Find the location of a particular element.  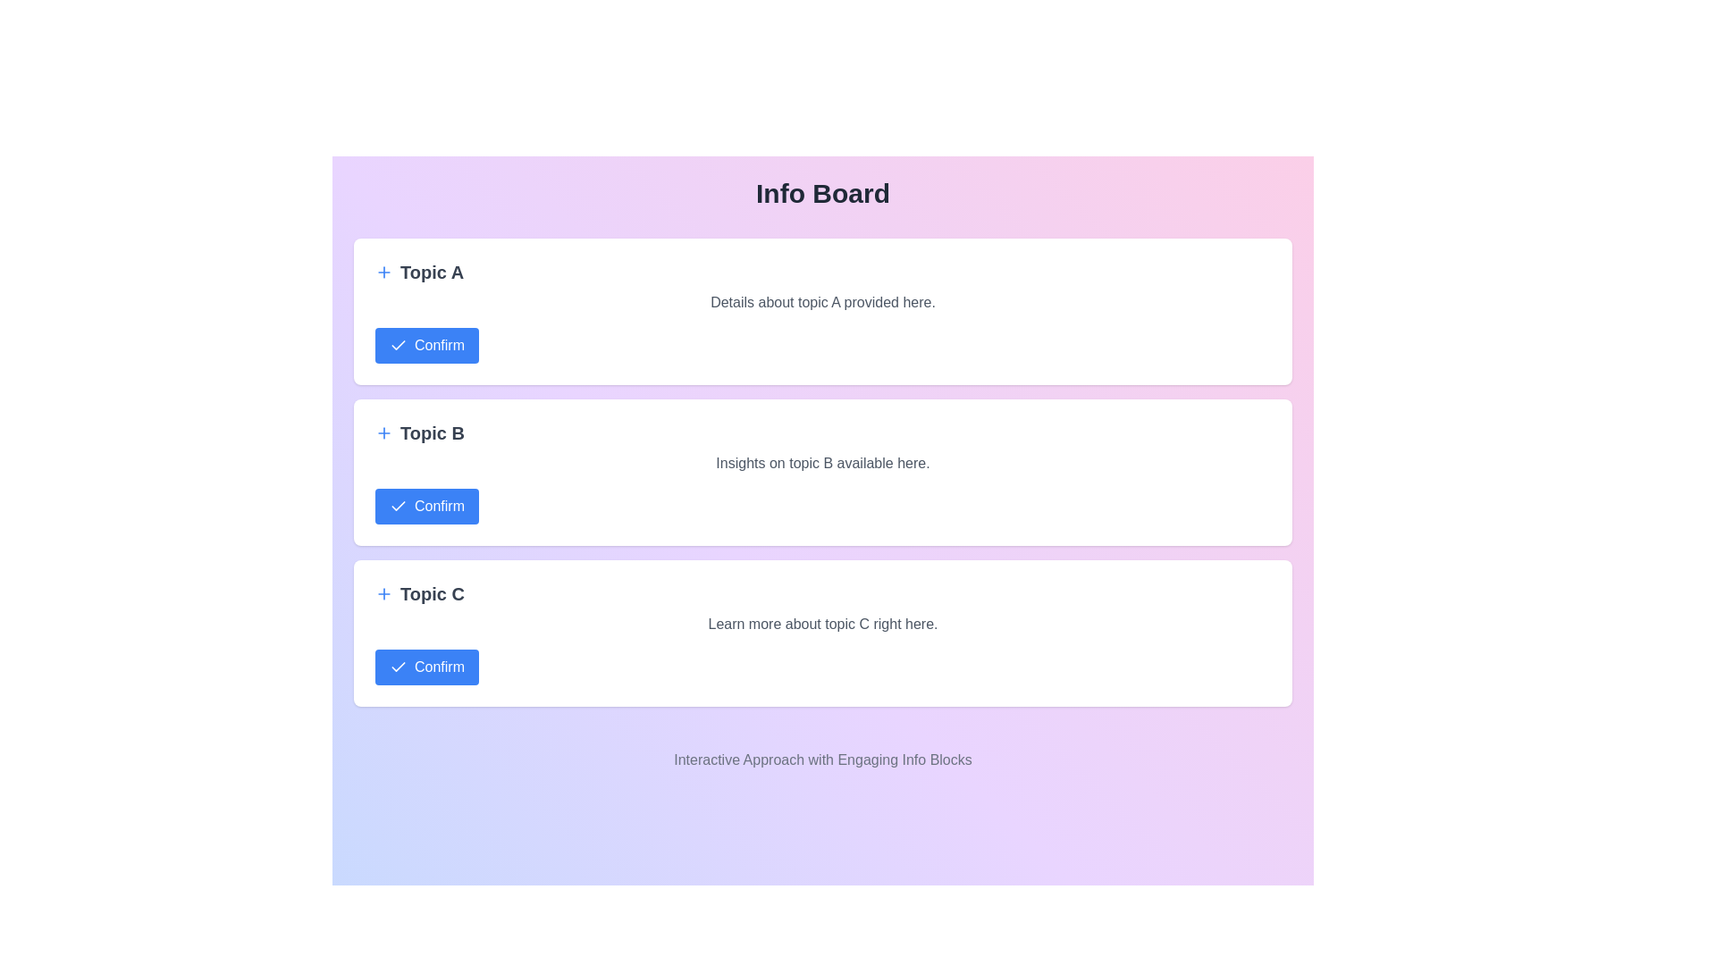

the SVG icon consisting of a checkmark symbol inside a rectangular box, which is part of the 'Confirm' button located below the 'Topic C' section is located at coordinates (398, 666).